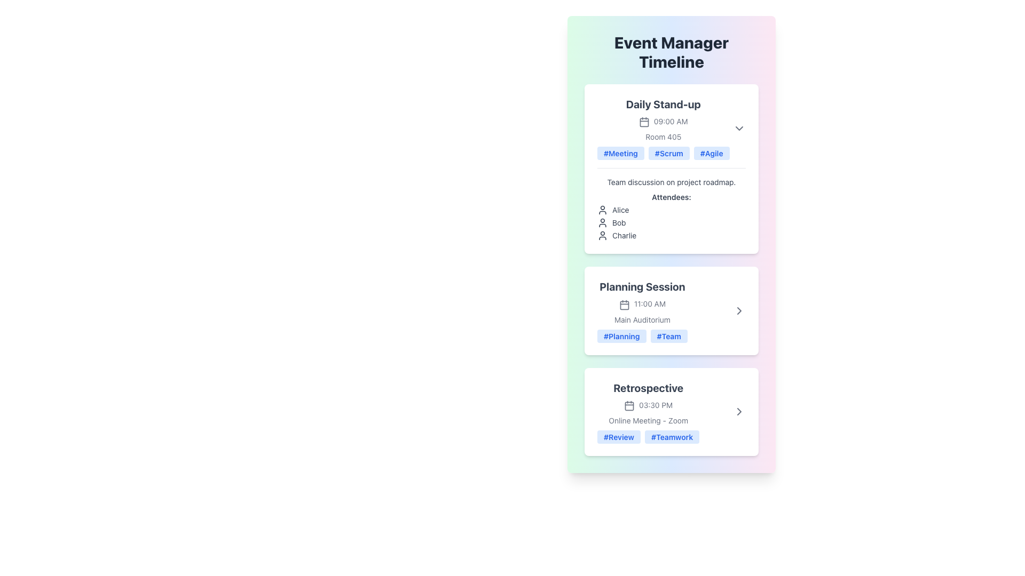  Describe the element at coordinates (671, 310) in the screenshot. I see `the tags of the second Event entry display card in the timeline view, located between the 'Daily Stand-up' and 'Retrospective' entries` at that location.